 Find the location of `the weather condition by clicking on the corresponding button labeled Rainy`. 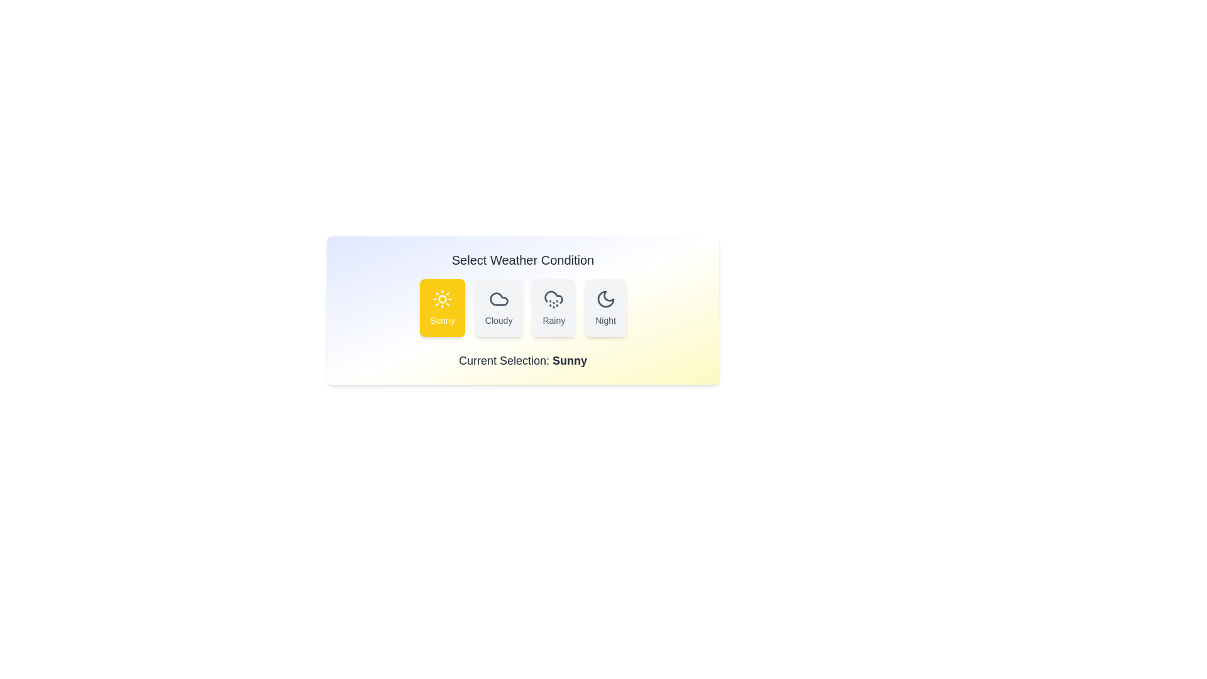

the weather condition by clicking on the corresponding button labeled Rainy is located at coordinates (553, 307).